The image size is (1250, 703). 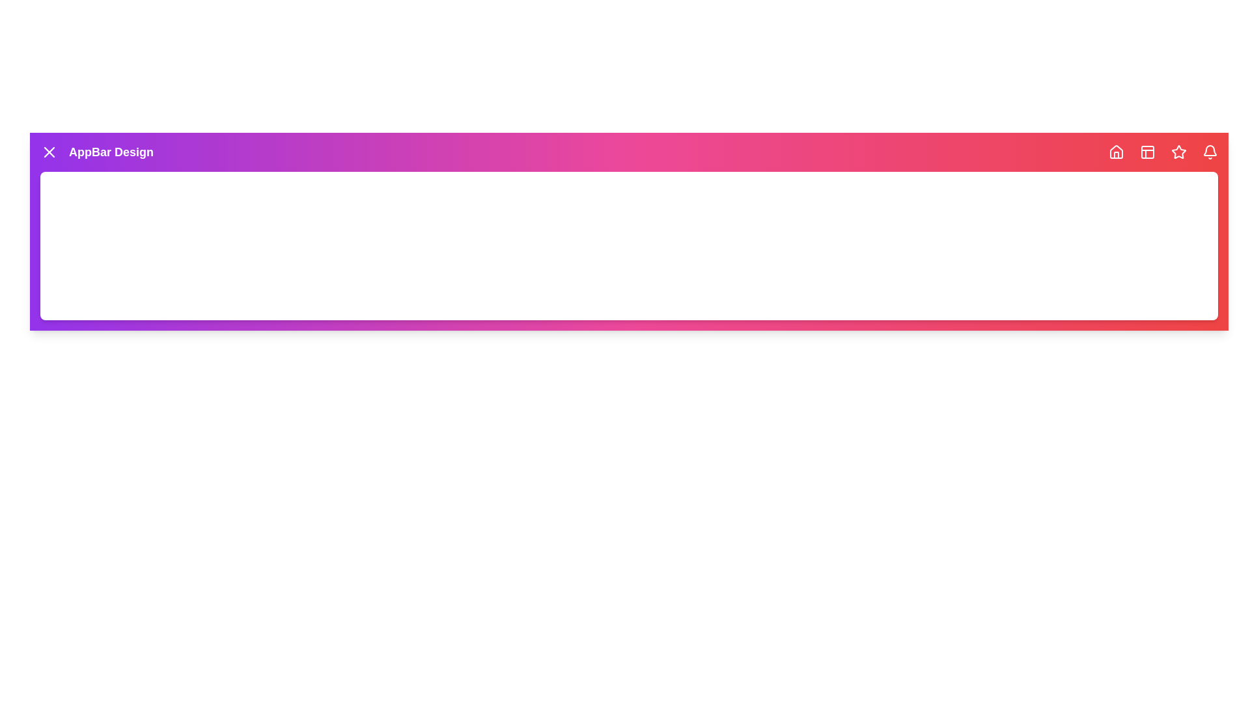 What do you see at coordinates (1209, 152) in the screenshot?
I see `the navigation icon Notifications` at bounding box center [1209, 152].